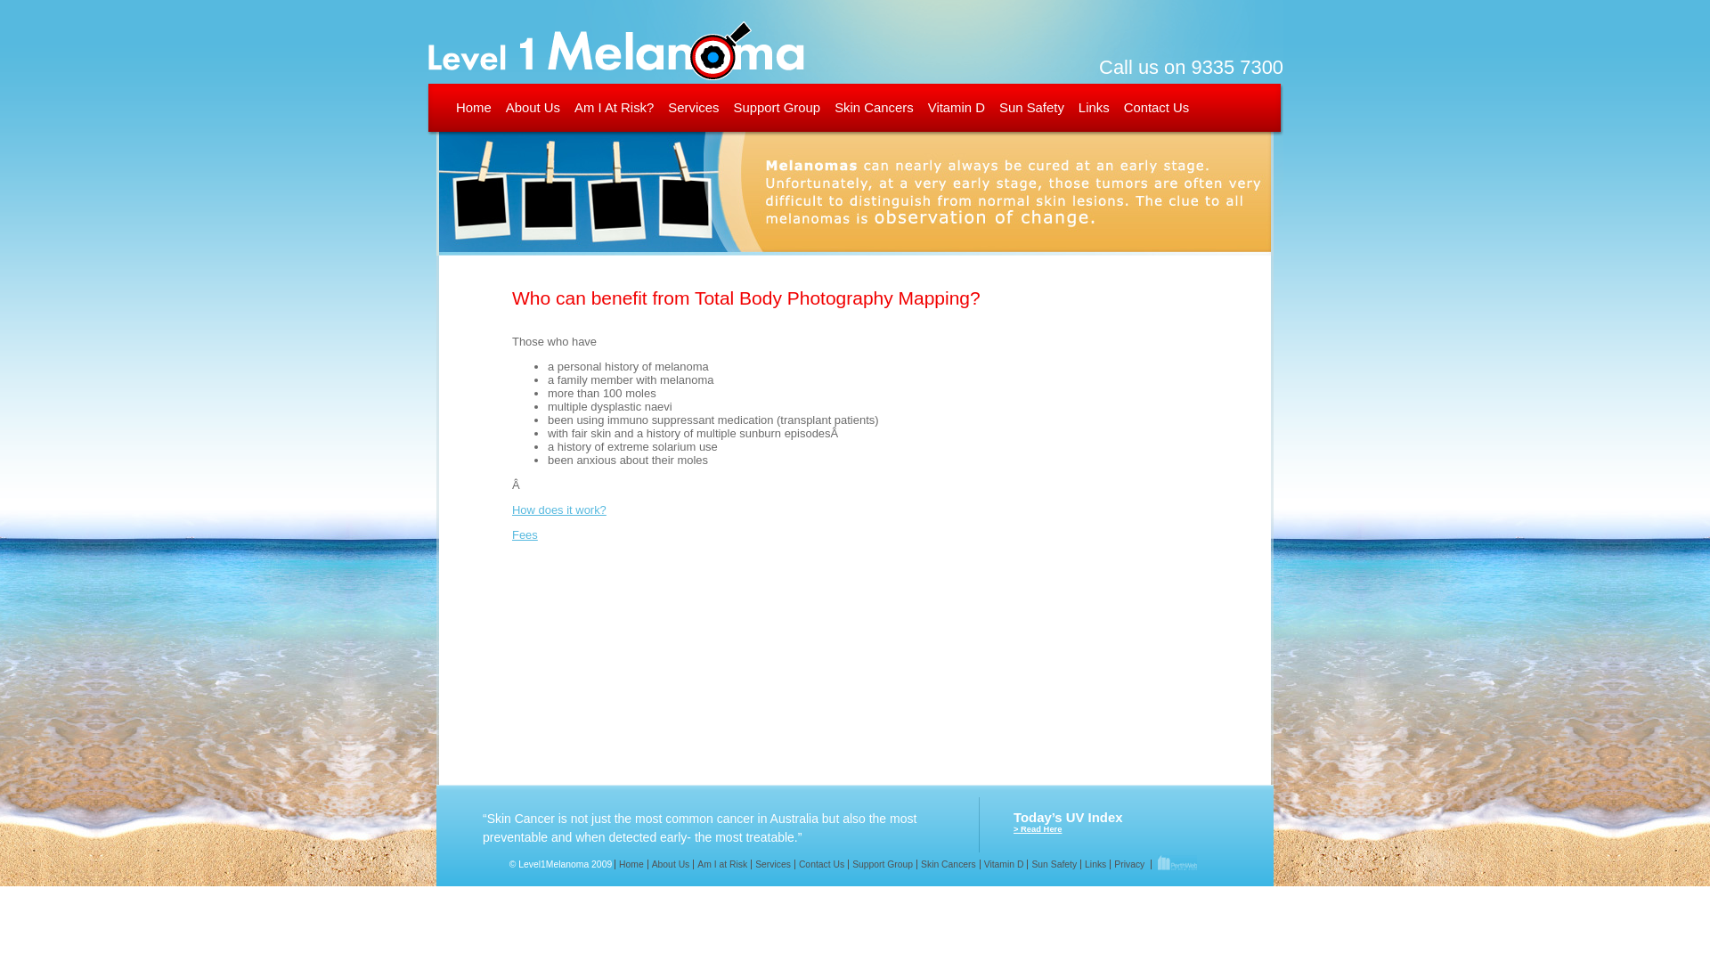 This screenshot has height=962, width=1710. I want to click on 'Contact Us', so click(1157, 107).